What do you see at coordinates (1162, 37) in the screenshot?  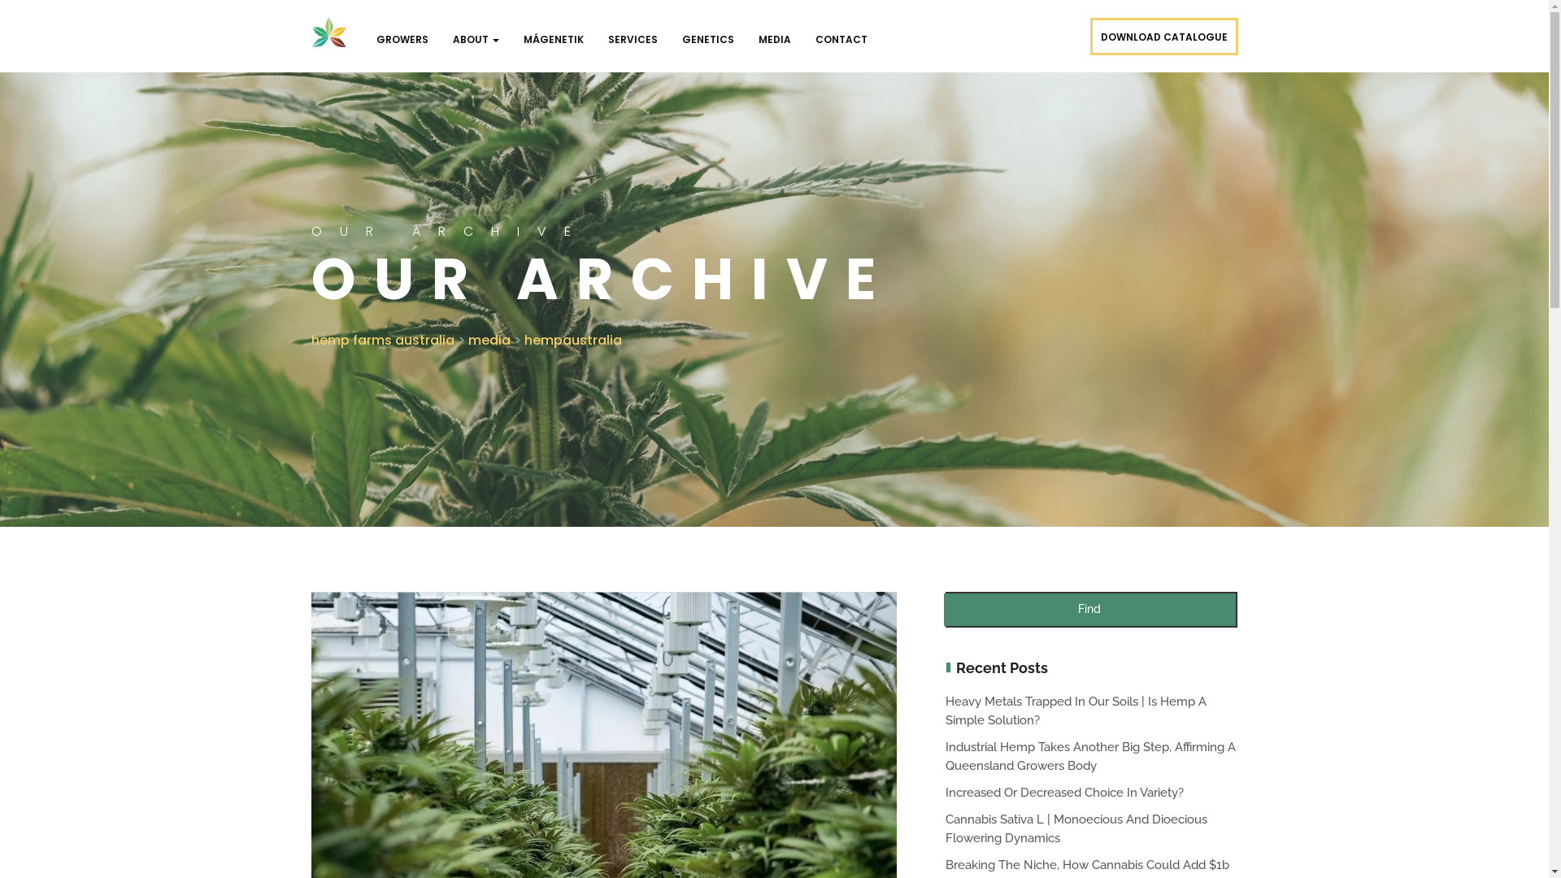 I see `'DOWNLOAD CATALOGUE'` at bounding box center [1162, 37].